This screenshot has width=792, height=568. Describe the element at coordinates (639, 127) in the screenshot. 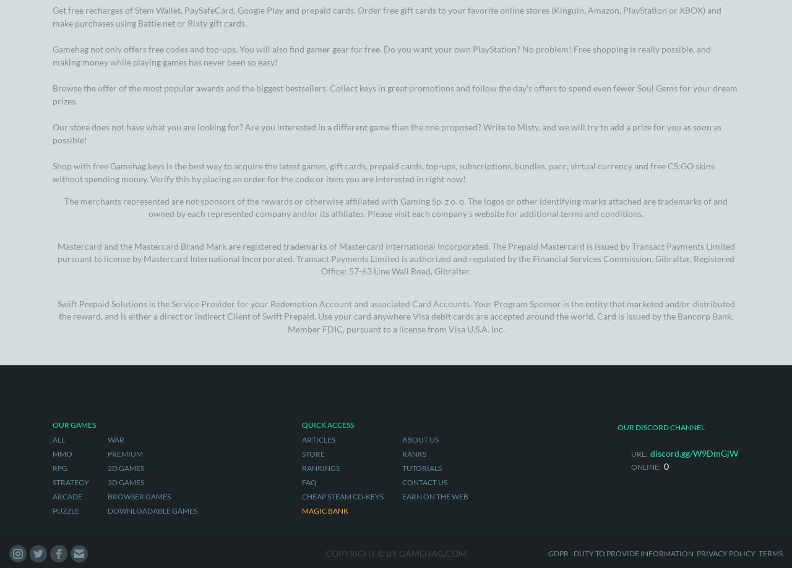

I see `'URL:'` at that location.